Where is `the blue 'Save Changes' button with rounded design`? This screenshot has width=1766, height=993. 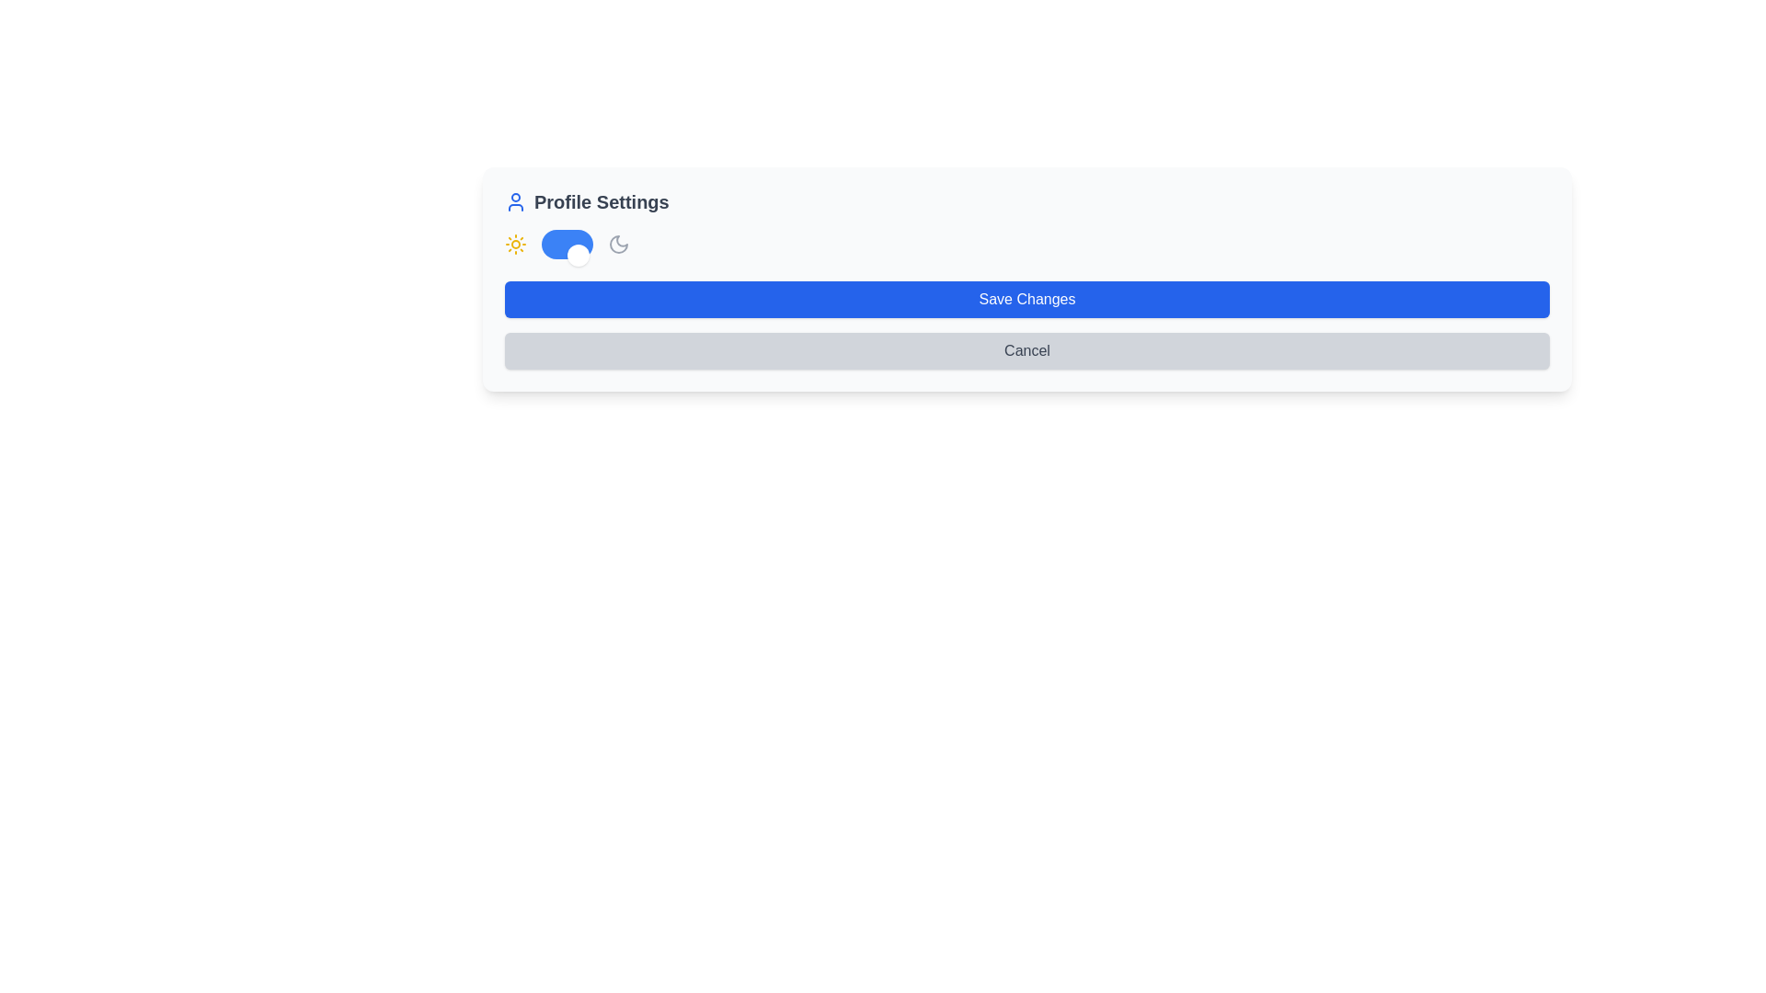
the blue 'Save Changes' button with rounded design is located at coordinates (1026, 299).